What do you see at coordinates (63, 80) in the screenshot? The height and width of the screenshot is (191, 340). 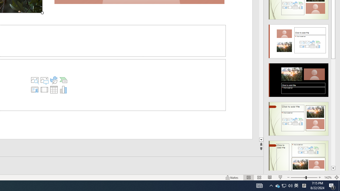 I see `'Insert a SmartArt Graphic'` at bounding box center [63, 80].